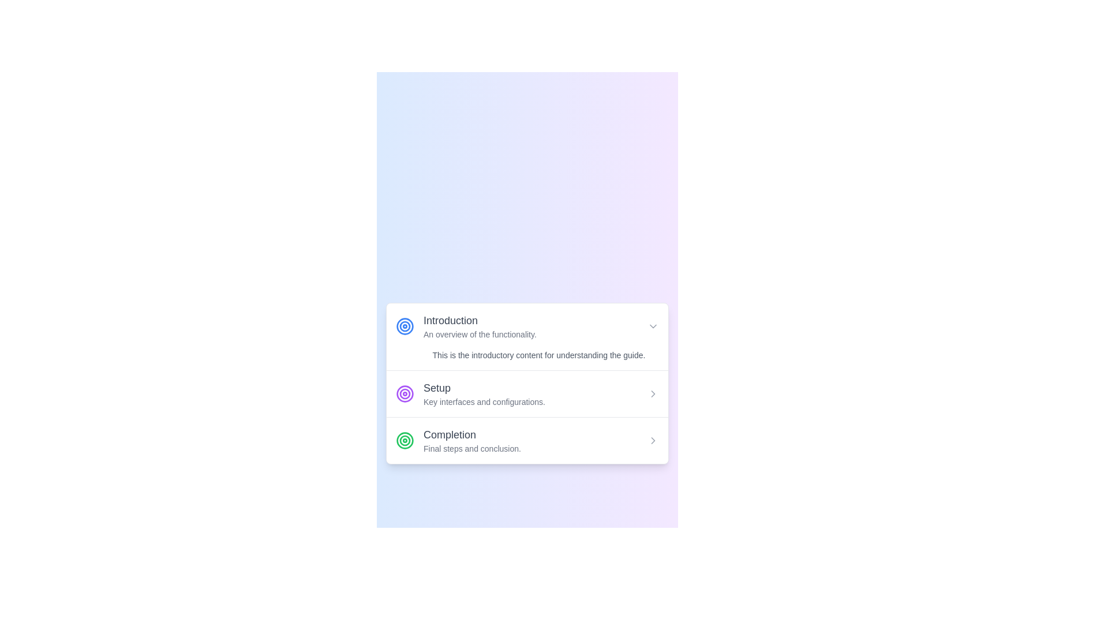  Describe the element at coordinates (484, 401) in the screenshot. I see `text label displaying 'Key interfaces and configurations.' which is located directly under the 'Setup' heading and is visually styled in gray color` at that location.